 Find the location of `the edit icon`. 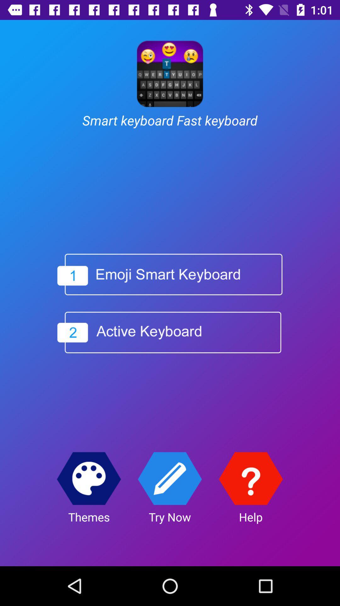

the edit icon is located at coordinates (169, 478).